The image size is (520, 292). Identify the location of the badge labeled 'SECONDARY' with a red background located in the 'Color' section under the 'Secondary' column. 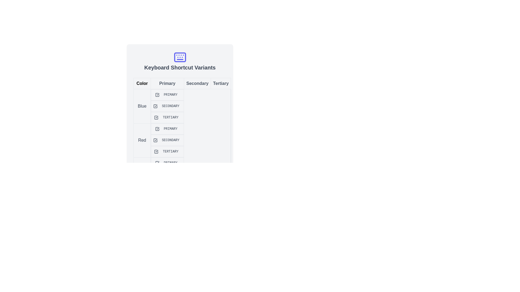
(170, 140).